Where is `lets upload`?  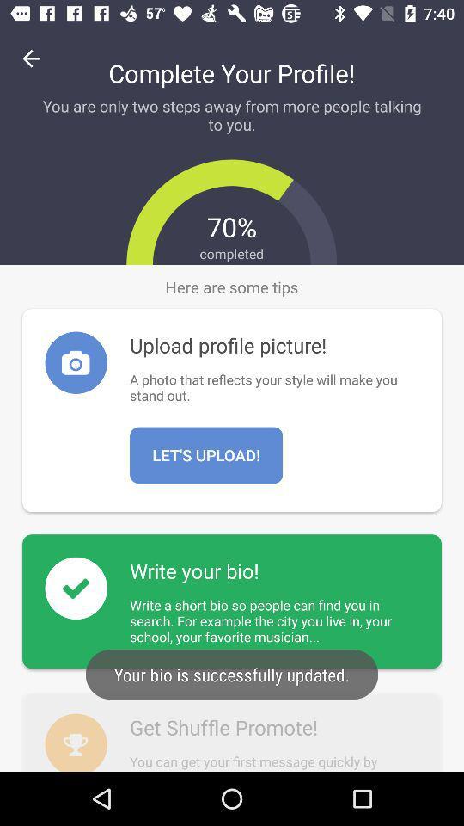 lets upload is located at coordinates (205, 454).